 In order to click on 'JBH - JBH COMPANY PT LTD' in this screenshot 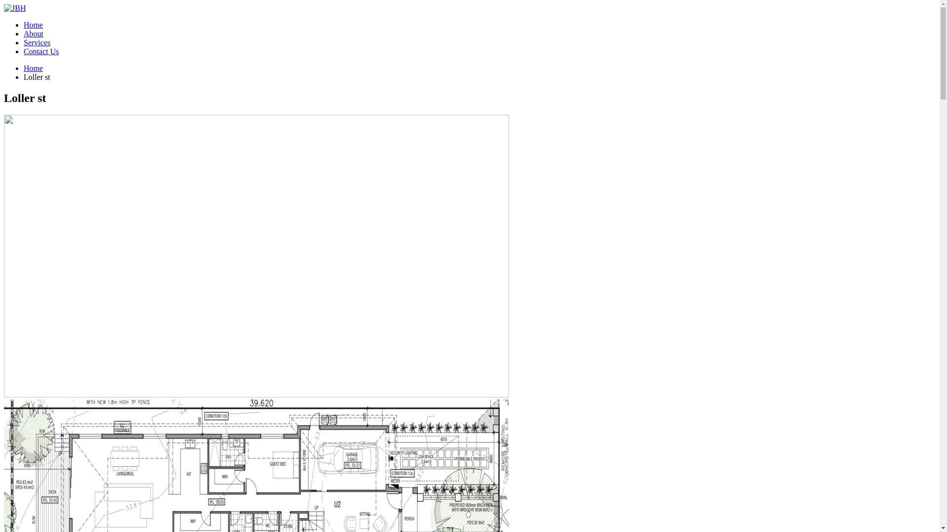, I will do `click(4, 8)`.